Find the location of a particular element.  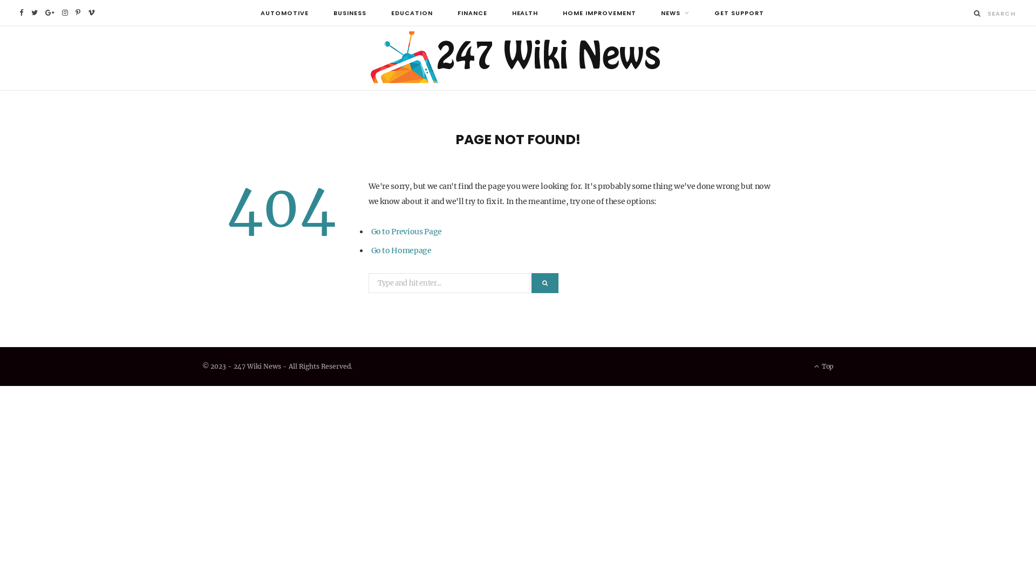

'Vimeo' is located at coordinates (84, 12).